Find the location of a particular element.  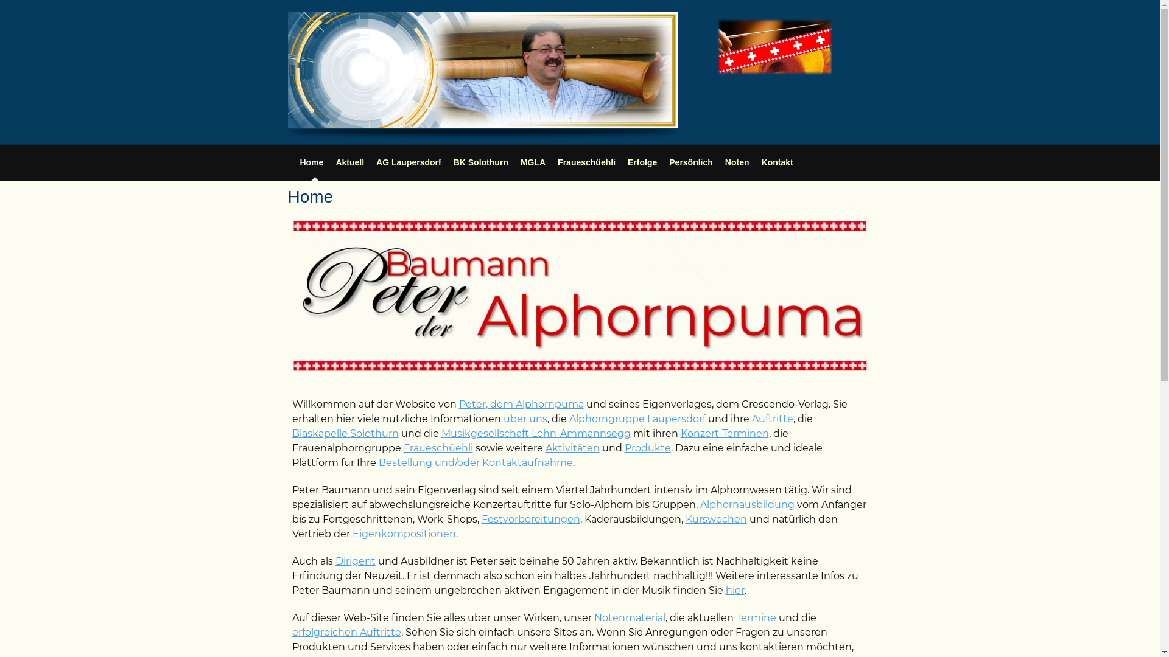

'Notenmaterial' is located at coordinates (630, 617).